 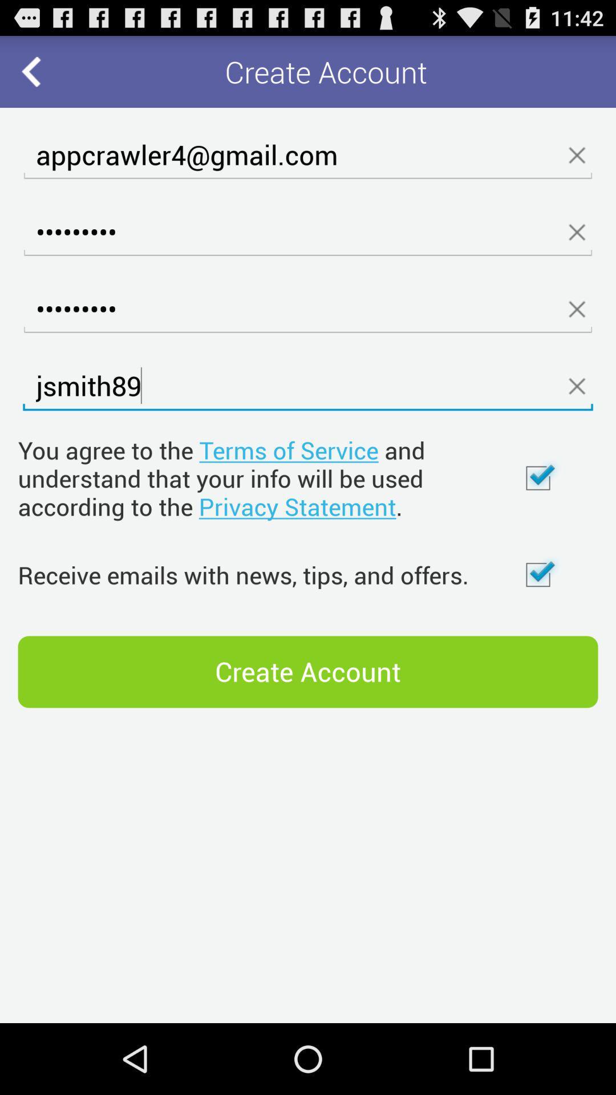 I want to click on the arrow_backward icon, so click(x=35, y=76).